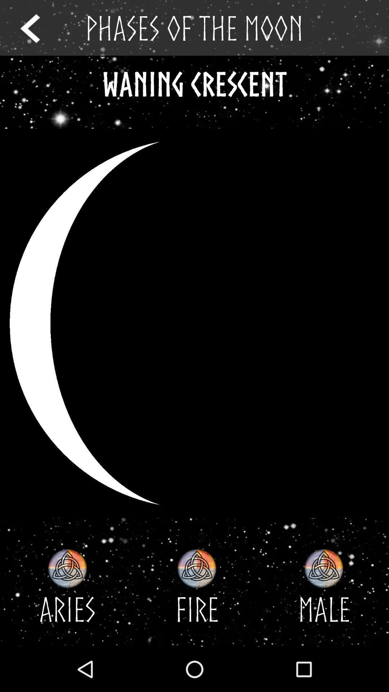 This screenshot has width=389, height=692. What do you see at coordinates (37, 28) in the screenshot?
I see `go back` at bounding box center [37, 28].